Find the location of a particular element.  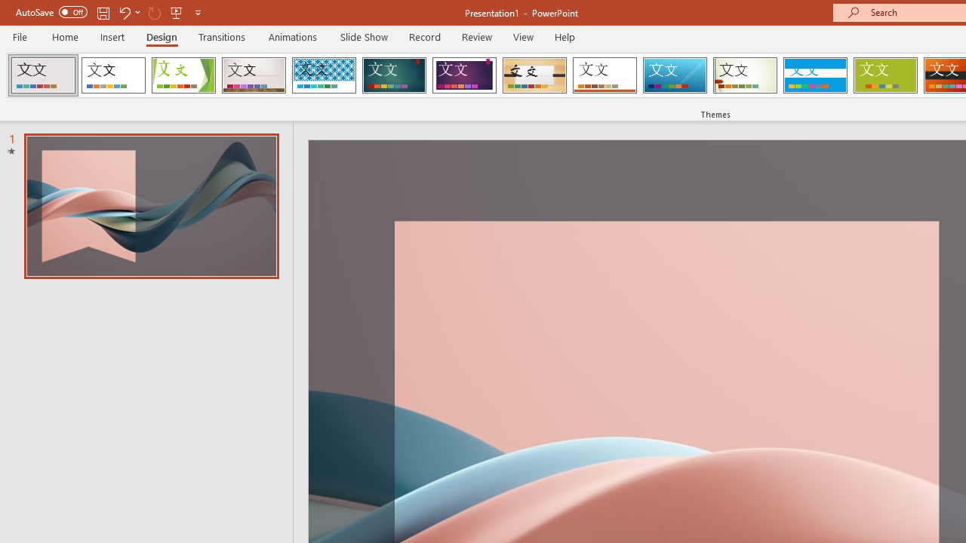

'Office Theme' is located at coordinates (112, 75).